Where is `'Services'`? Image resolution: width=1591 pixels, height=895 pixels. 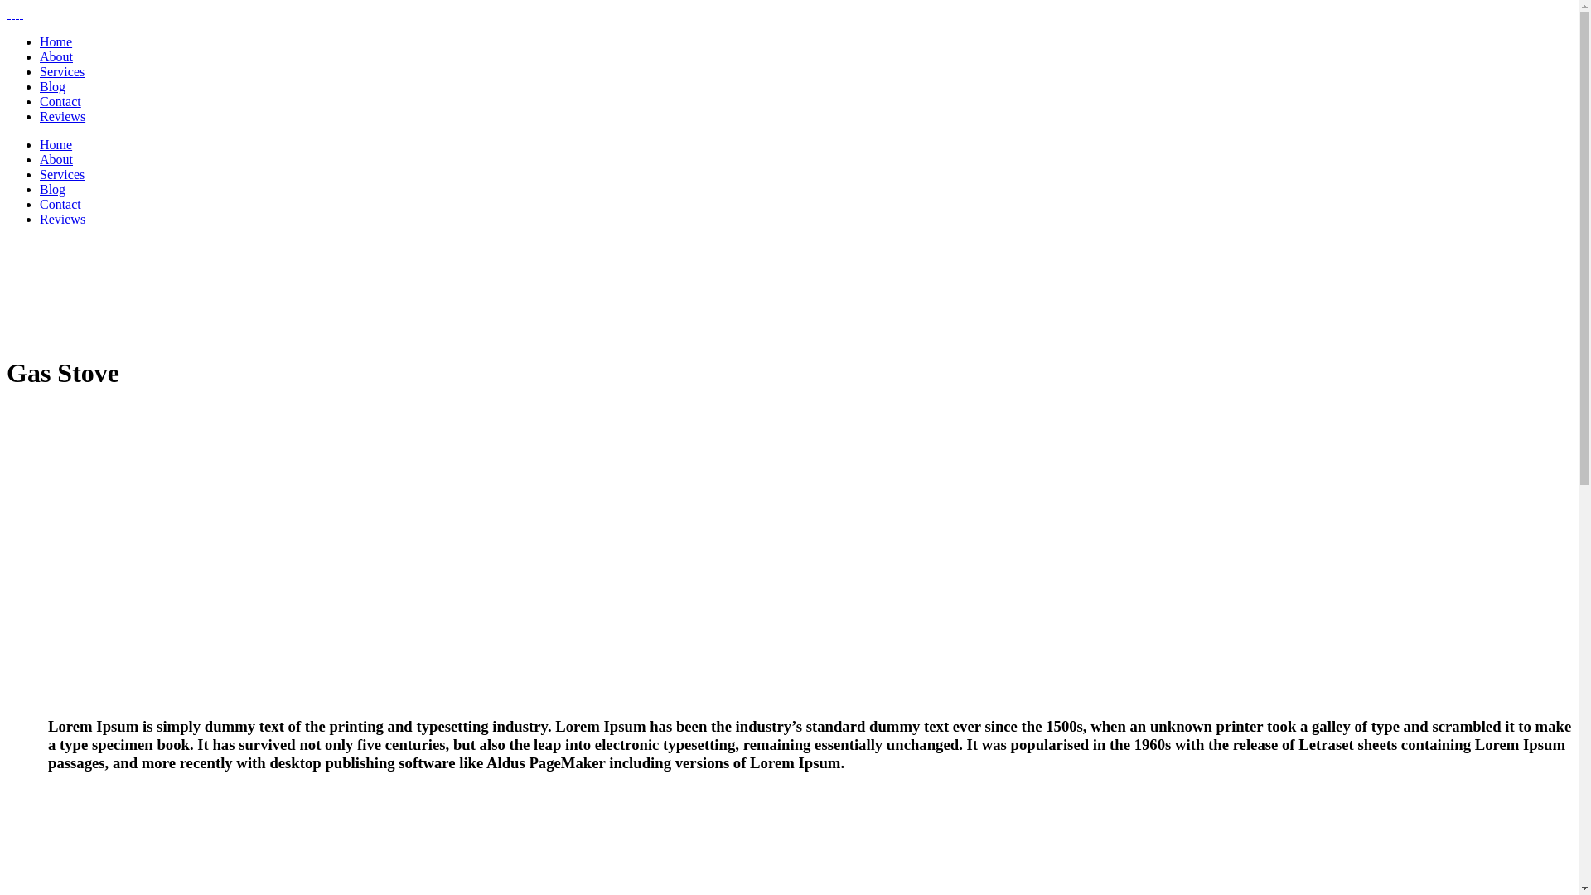 'Services' is located at coordinates (62, 174).